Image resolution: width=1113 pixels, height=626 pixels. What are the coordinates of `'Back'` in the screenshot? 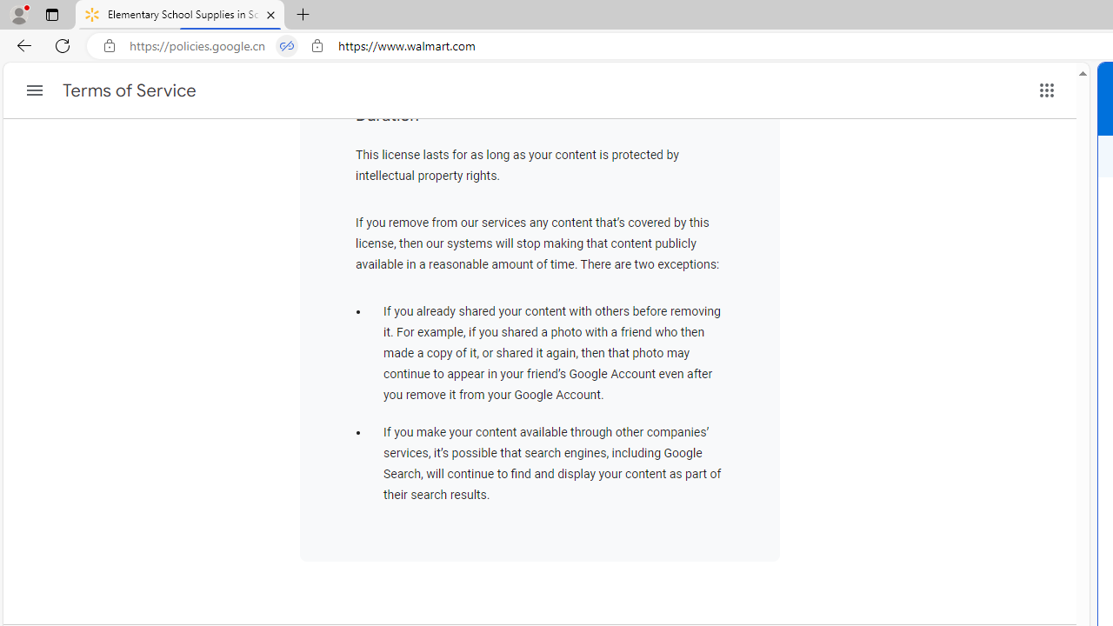 It's located at (21, 44).